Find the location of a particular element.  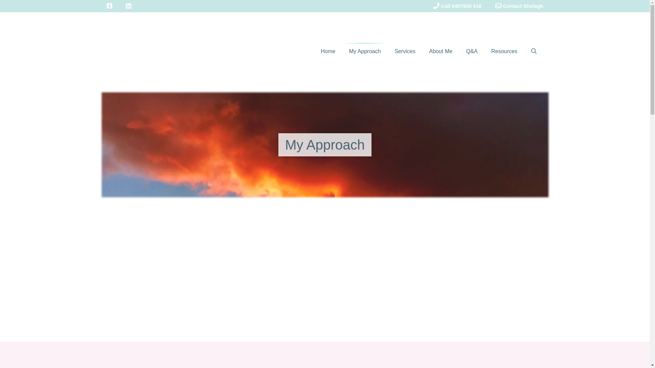

'Q&A' is located at coordinates (471, 51).